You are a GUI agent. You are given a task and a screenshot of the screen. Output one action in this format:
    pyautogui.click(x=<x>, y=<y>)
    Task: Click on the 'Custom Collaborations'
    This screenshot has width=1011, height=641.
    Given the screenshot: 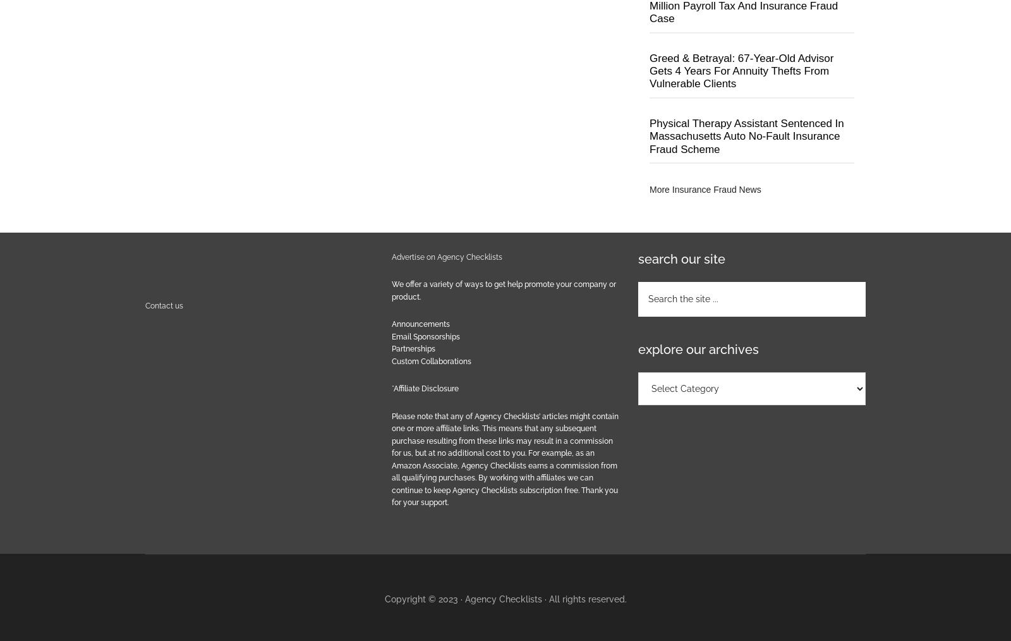 What is the action you would take?
    pyautogui.click(x=392, y=360)
    